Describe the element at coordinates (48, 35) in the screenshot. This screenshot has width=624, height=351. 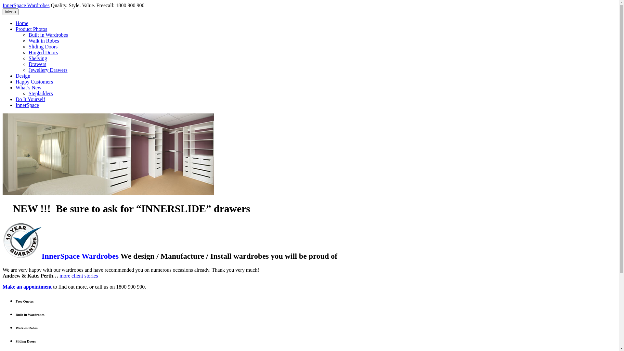
I see `'Built in Wardrobes'` at that location.